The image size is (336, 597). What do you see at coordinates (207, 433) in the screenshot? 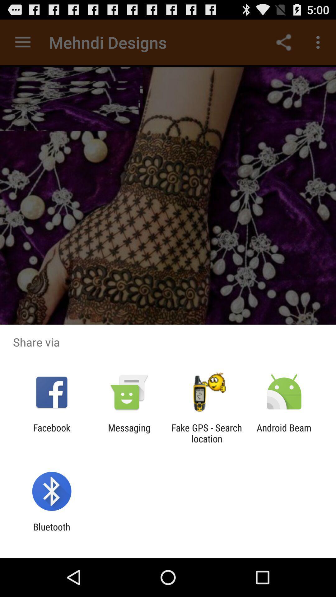
I see `the fake gps search item` at bounding box center [207, 433].